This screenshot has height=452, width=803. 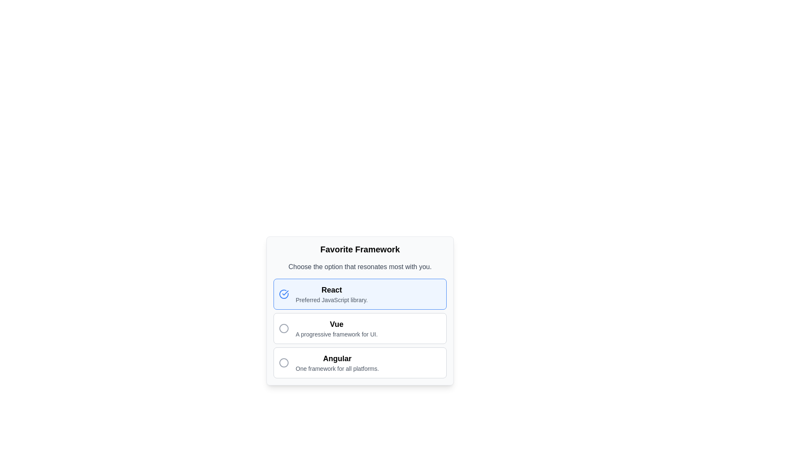 I want to click on the circular icon outlined in black with a white inner fill, located adjacent to the text 'Vue', so click(x=284, y=328).